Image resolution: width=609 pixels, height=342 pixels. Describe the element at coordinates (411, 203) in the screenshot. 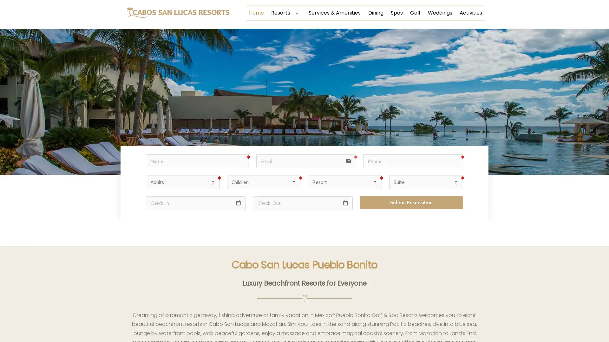

I see `Submit Reservation` at that location.